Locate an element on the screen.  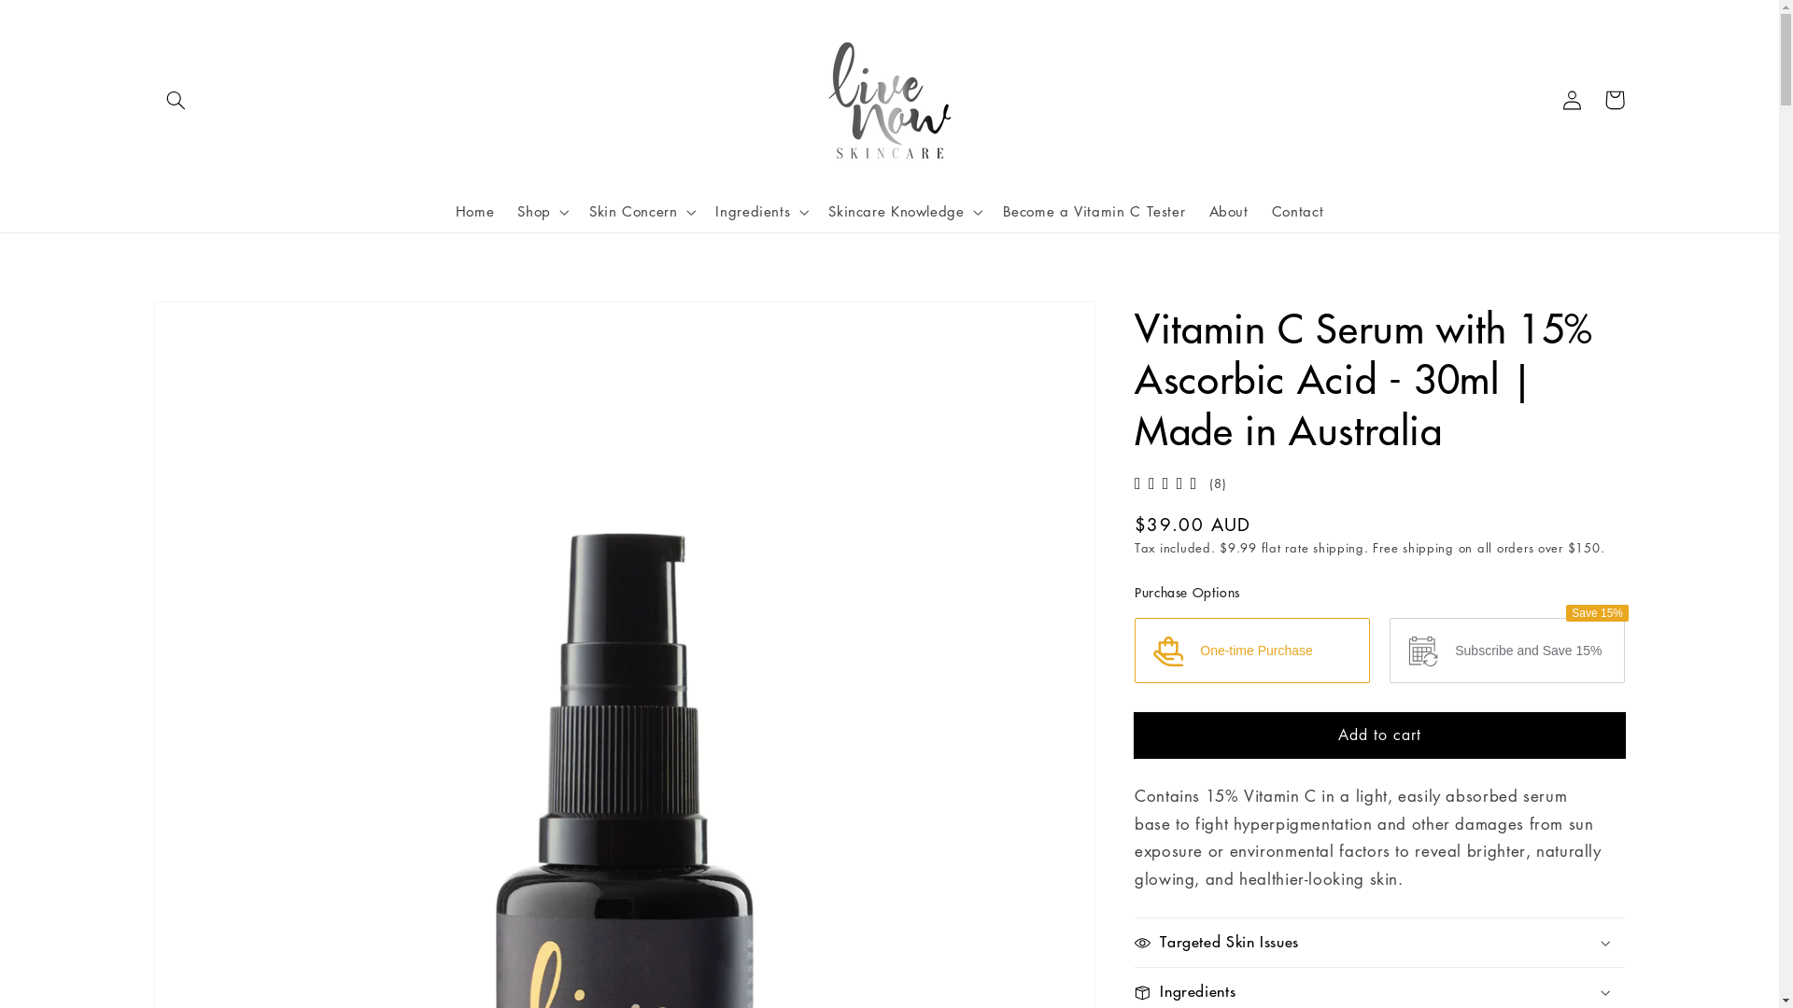
'Add to cart' is located at coordinates (1379, 735).